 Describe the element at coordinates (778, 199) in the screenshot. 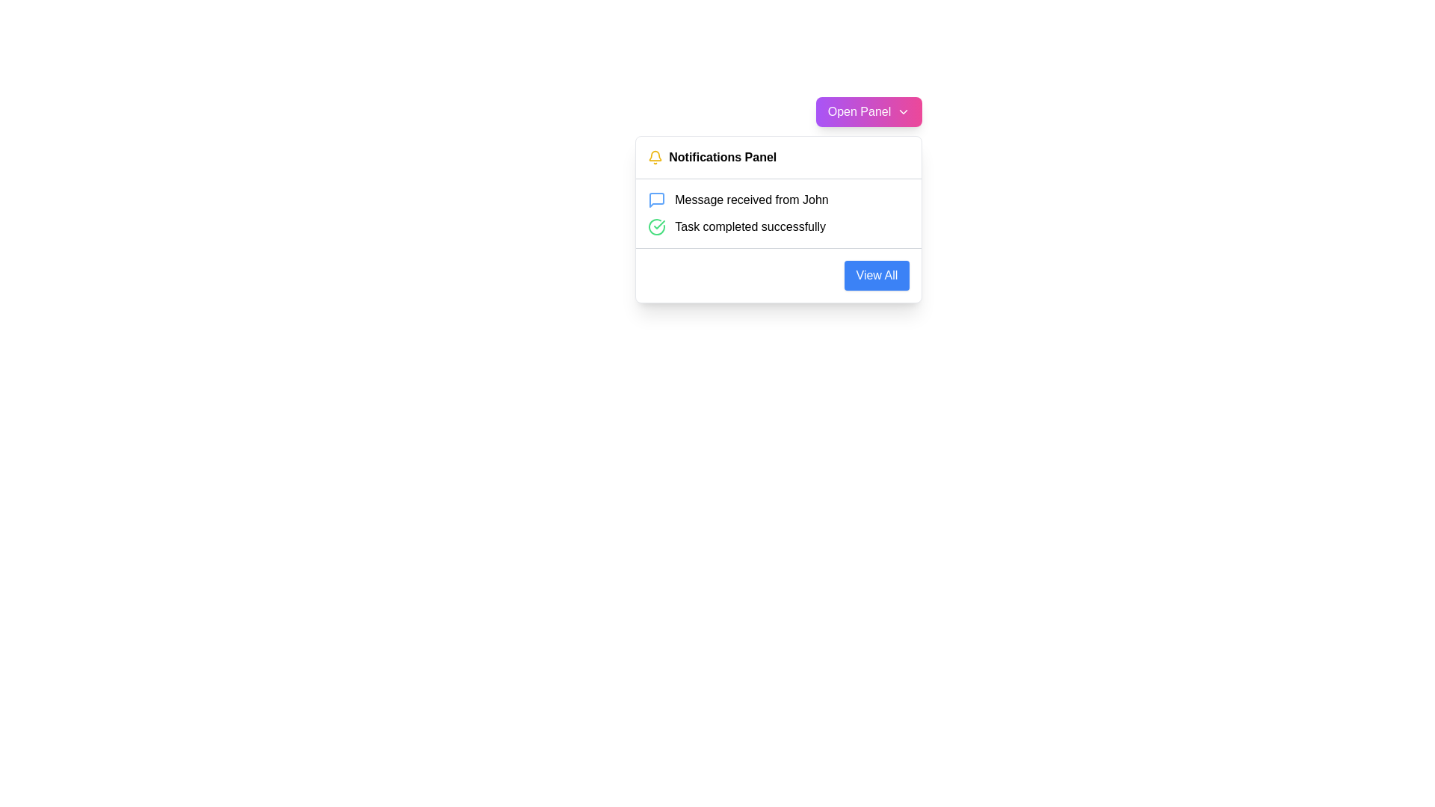

I see `the notification displaying 'Message received from John' at the top of the notification list` at that location.